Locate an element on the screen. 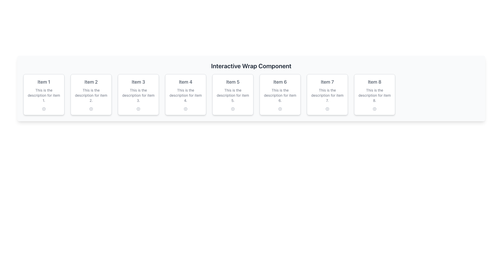 This screenshot has height=277, width=493. displayed text in the small, gray-colored font that says 'This is the description for item 3.' located below the title 'Item 3' in the third card from the left is located at coordinates (138, 95).